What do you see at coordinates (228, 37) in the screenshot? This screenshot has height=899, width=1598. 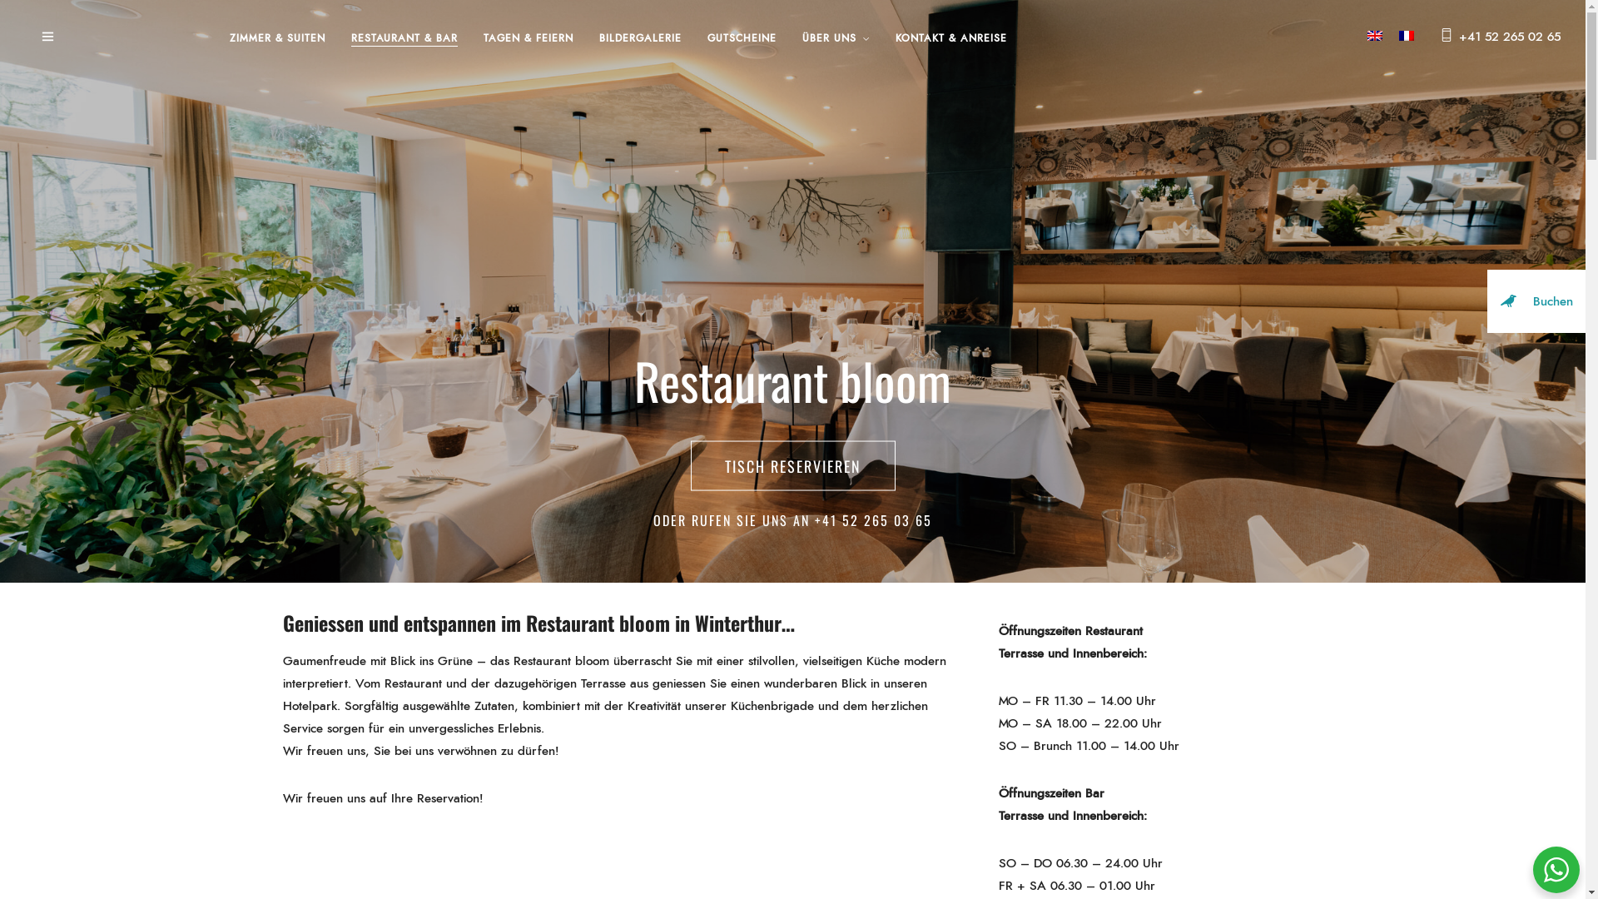 I see `'ZIMMER & SUITEN'` at bounding box center [228, 37].